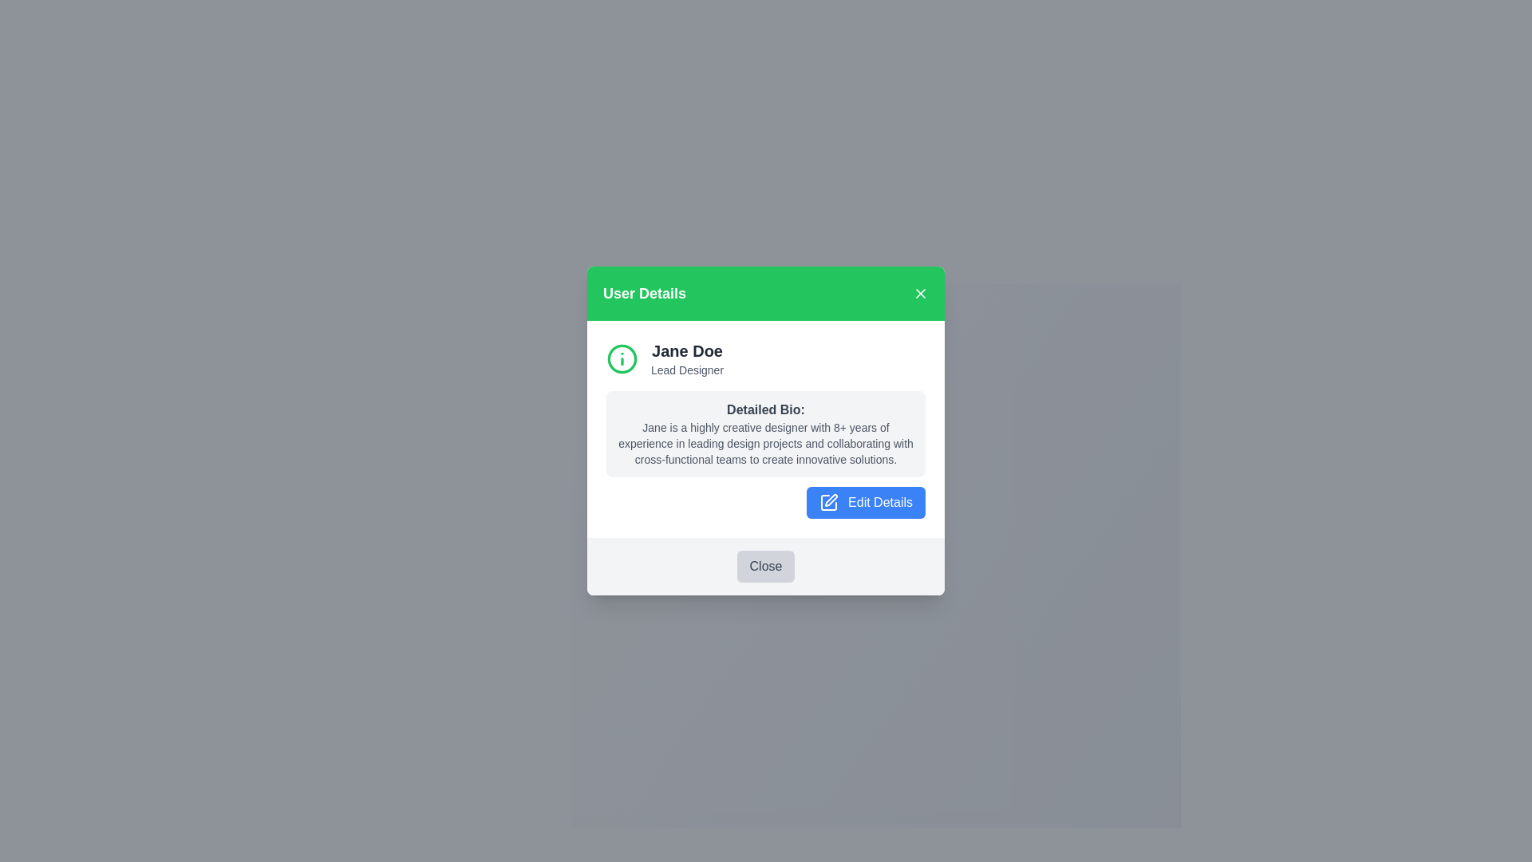 The image size is (1532, 862). What do you see at coordinates (828, 503) in the screenshot?
I see `the SVG pen icon located adjacent to the 'Edit Details' button at the center-bottom of the modal dialog` at bounding box center [828, 503].